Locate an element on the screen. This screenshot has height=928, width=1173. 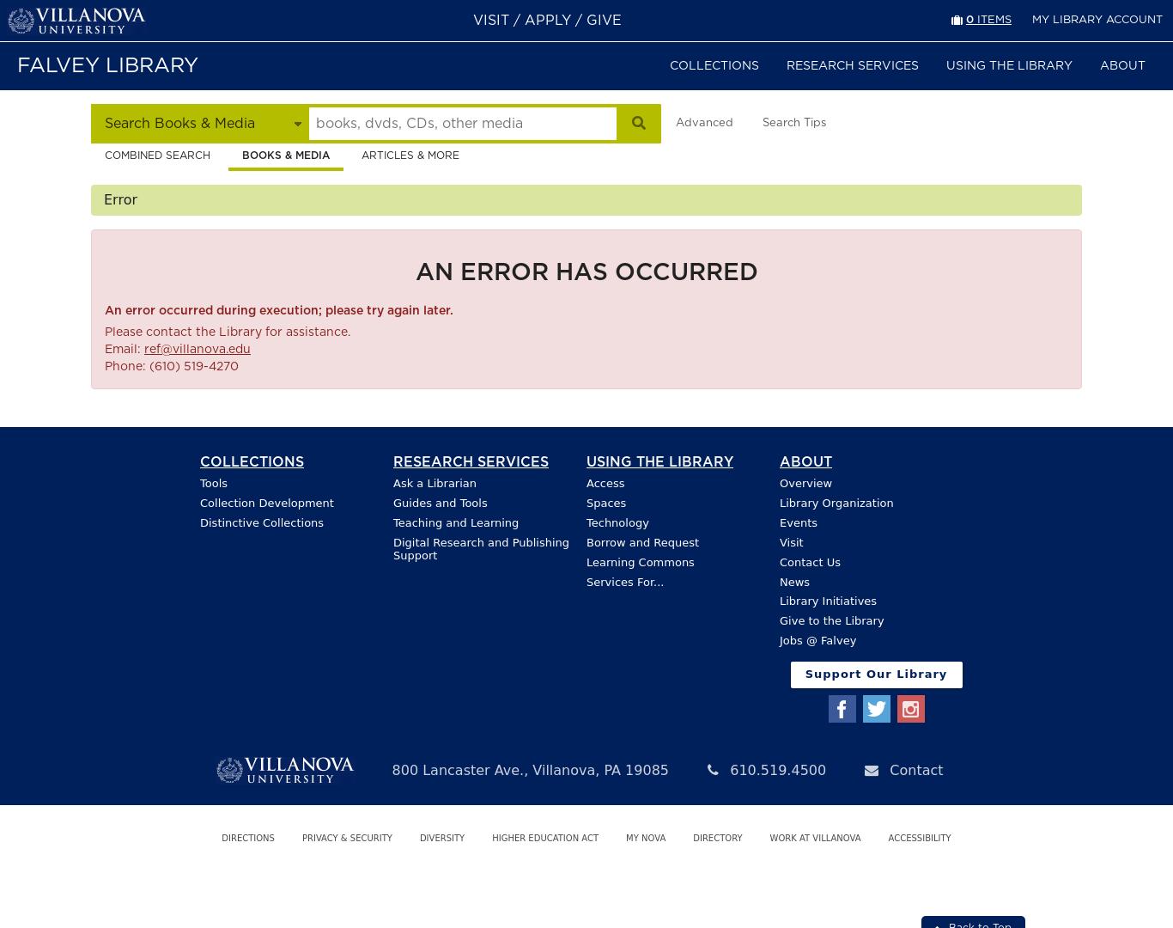
'Books & Media' is located at coordinates (286, 155).